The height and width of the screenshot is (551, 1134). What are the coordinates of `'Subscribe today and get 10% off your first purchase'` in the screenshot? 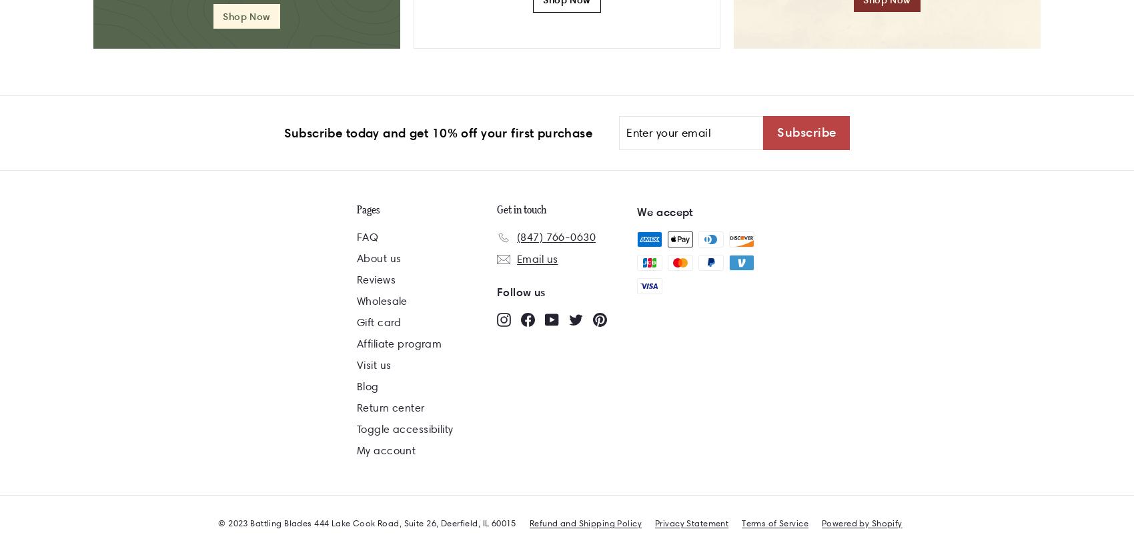 It's located at (438, 132).